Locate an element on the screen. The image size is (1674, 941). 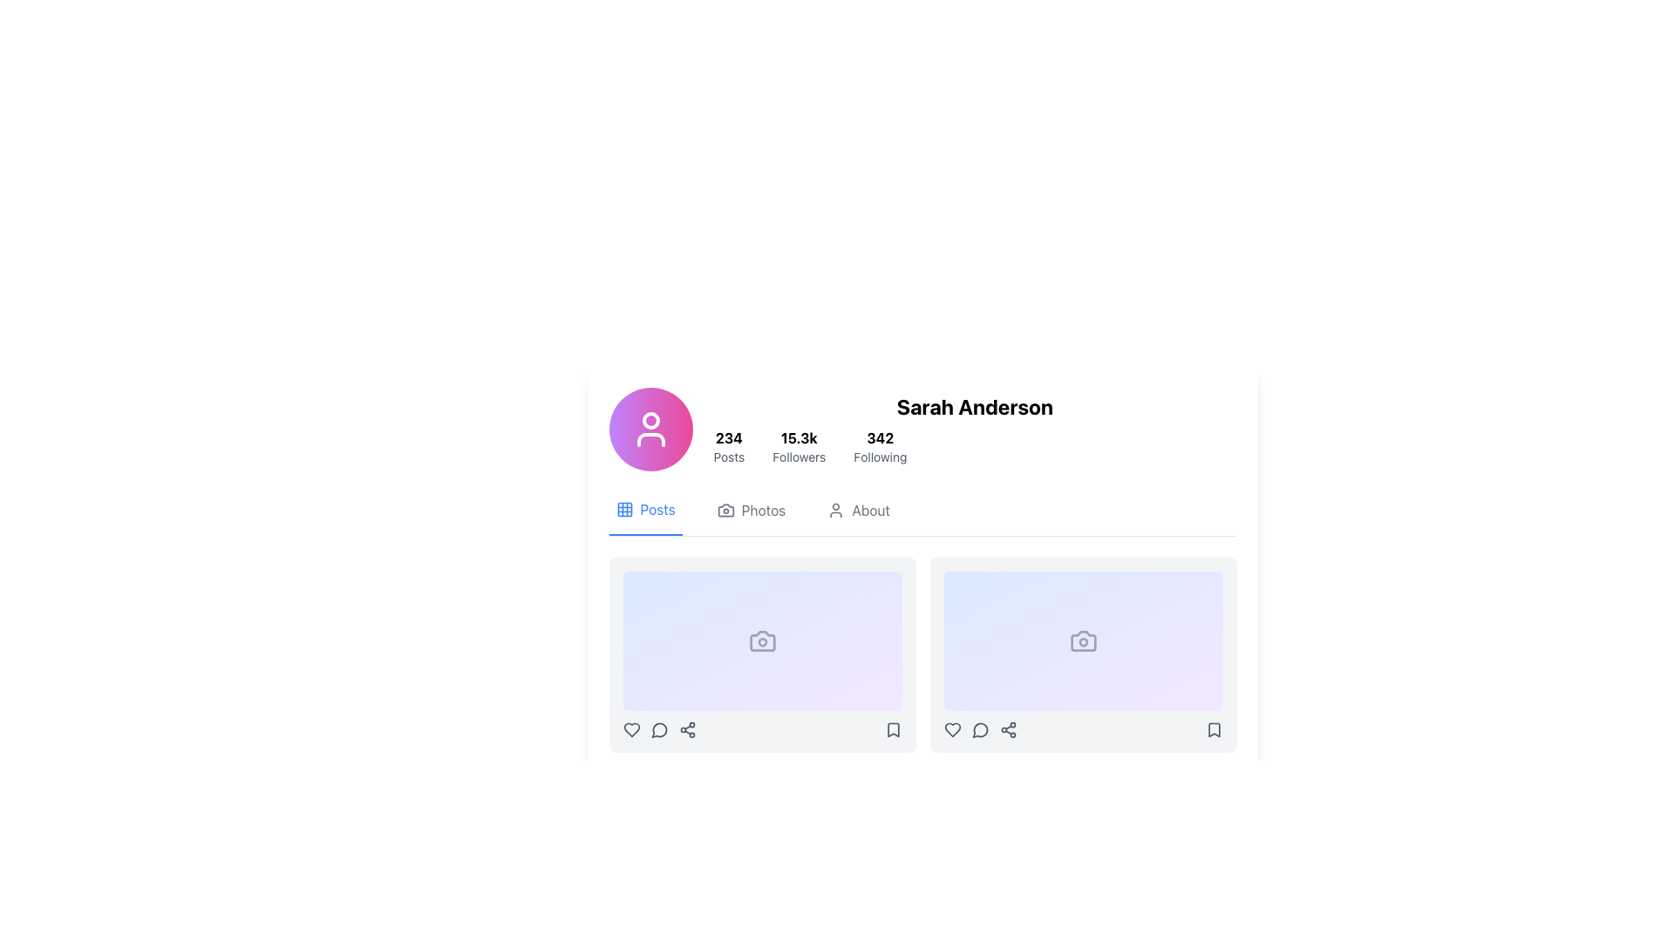
statistic indicator displaying '15.3k' above the label 'Followers', which is the second element in a row of three statistic indicators is located at coordinates (798, 446).